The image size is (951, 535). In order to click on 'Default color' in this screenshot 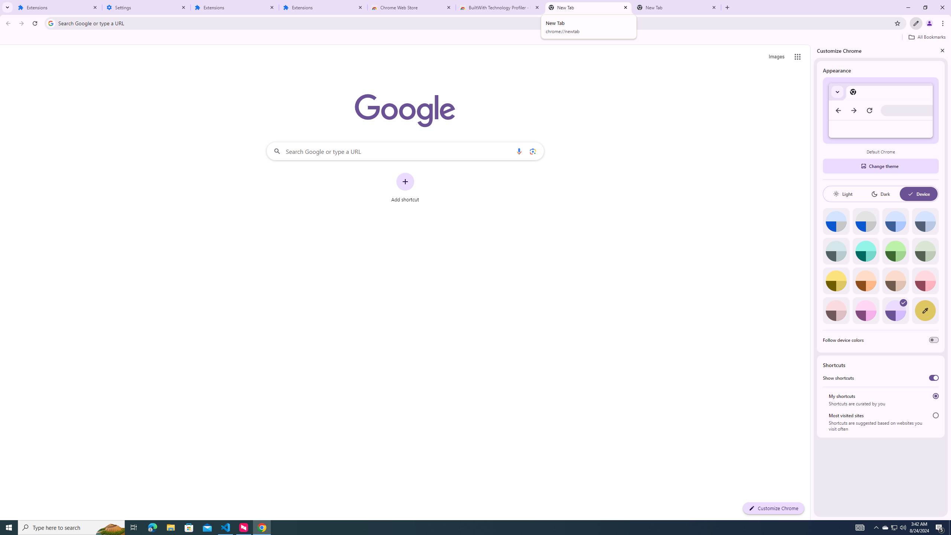, I will do `click(836, 221)`.